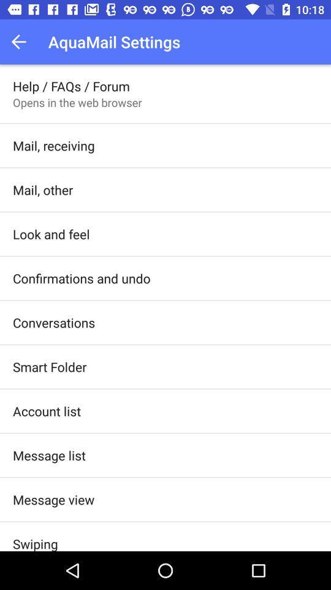 The width and height of the screenshot is (331, 590). Describe the element at coordinates (77, 101) in the screenshot. I see `opens in the icon` at that location.